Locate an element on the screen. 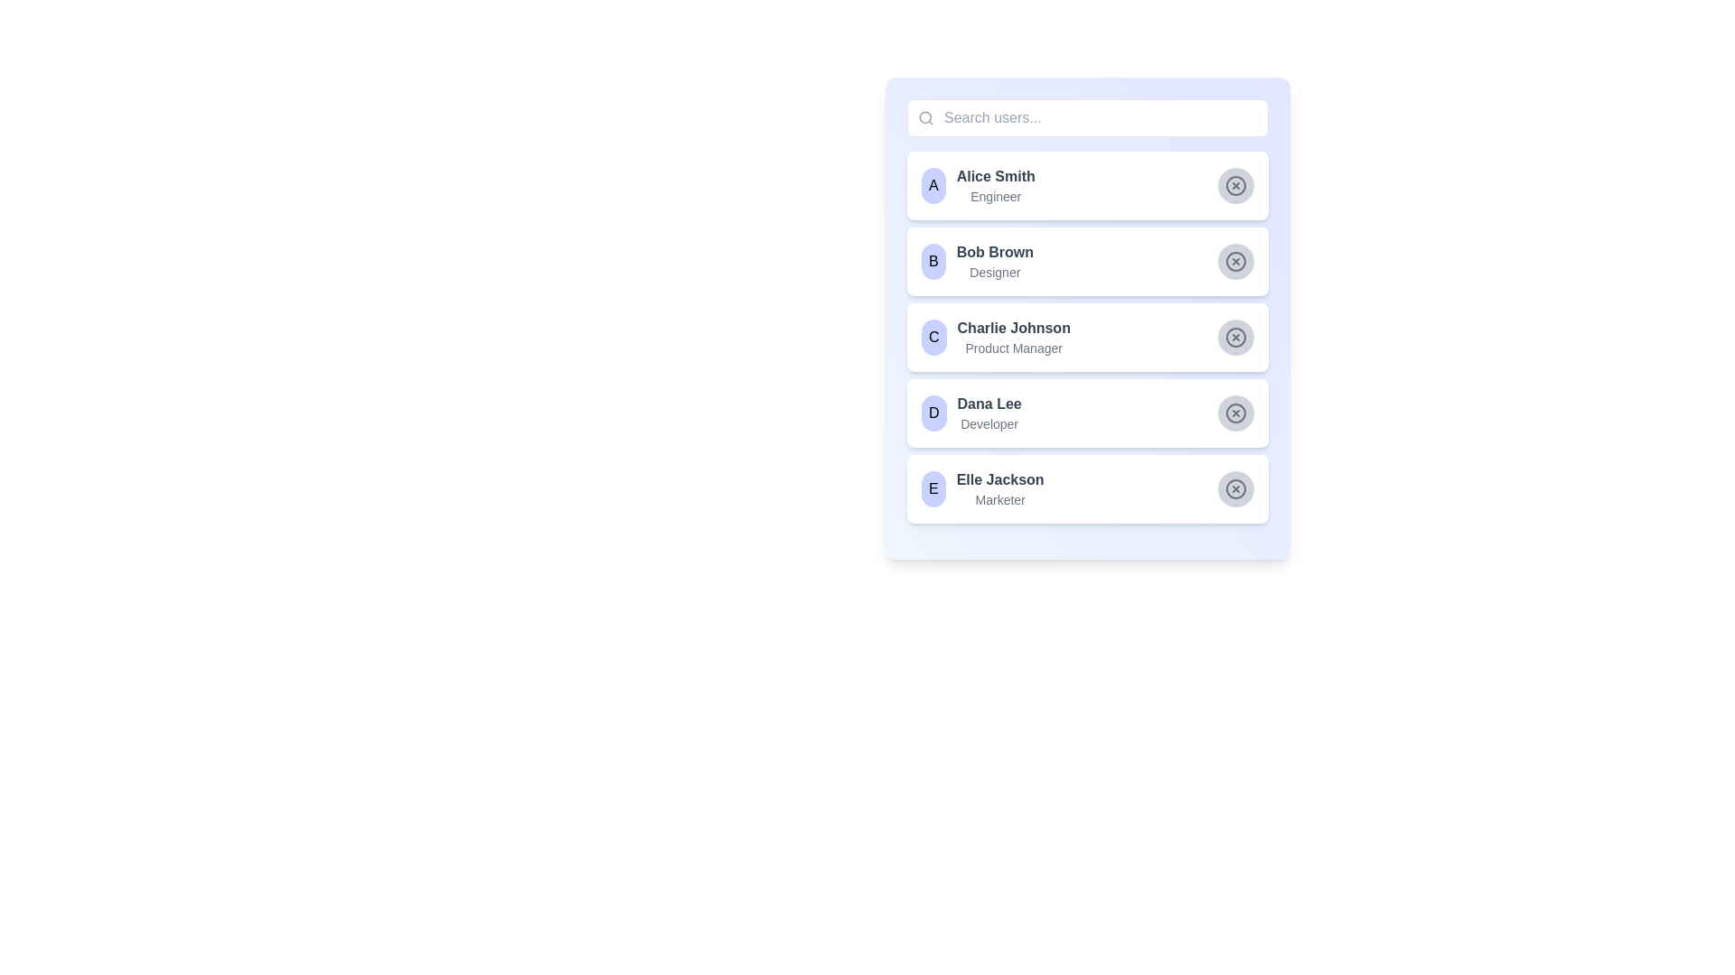  the circle with an 'X' mark inside it, located on the right-hand side of the list item for 'Charlie Johnson, Product Manager' is located at coordinates (1235, 338).